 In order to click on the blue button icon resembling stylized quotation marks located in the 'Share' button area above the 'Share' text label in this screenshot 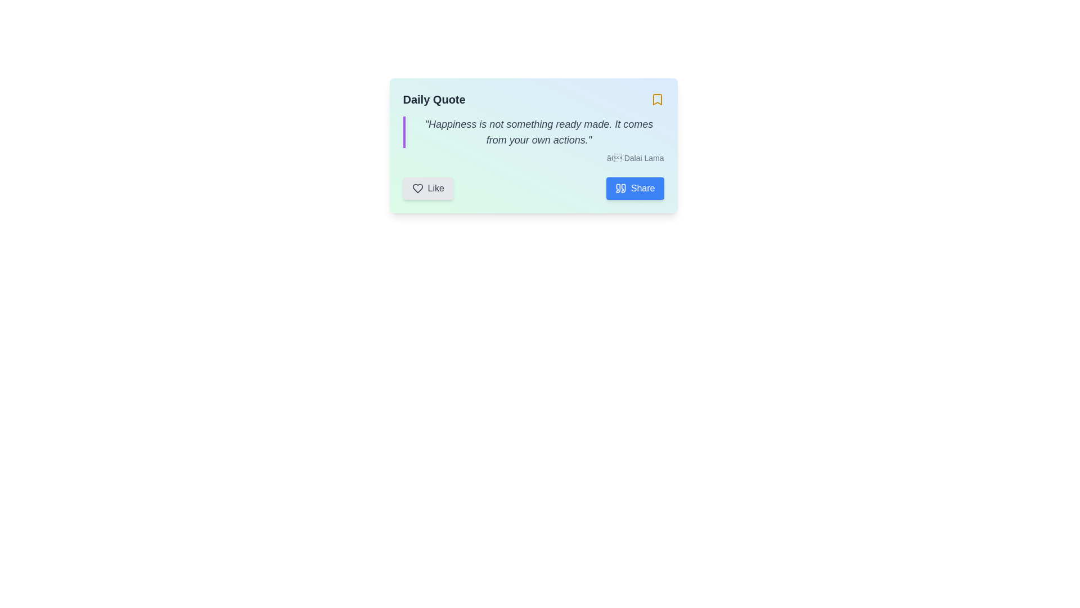, I will do `click(620, 188)`.